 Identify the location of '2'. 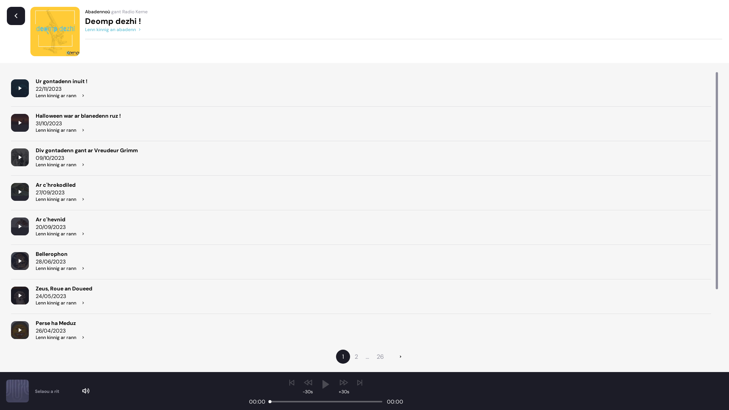
(356, 357).